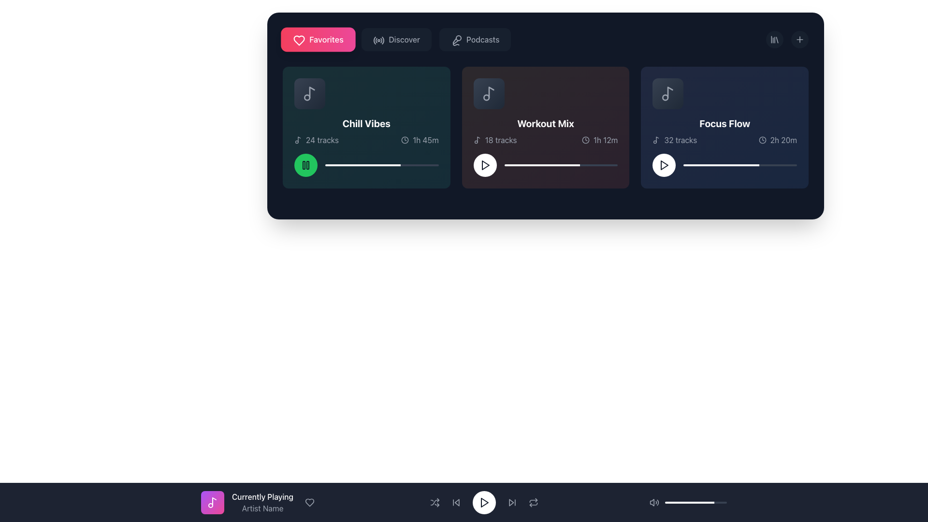  What do you see at coordinates (262, 497) in the screenshot?
I see `the text label displaying 'Currently Playing', which is prominently styled in bold white font against a dark background, located in the bottom center of the media control bar` at bounding box center [262, 497].